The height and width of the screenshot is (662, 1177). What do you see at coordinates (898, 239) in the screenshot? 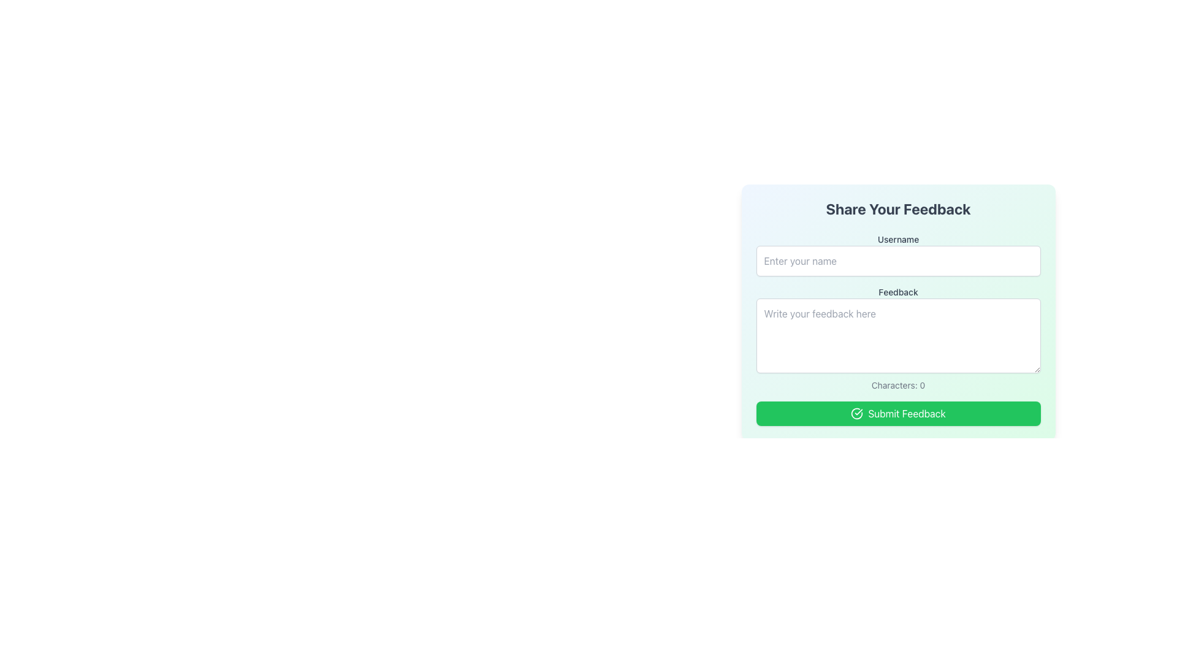
I see `the 'Username' label element, which is positioned above the input field and styled in bold, gray sans-serif font` at bounding box center [898, 239].